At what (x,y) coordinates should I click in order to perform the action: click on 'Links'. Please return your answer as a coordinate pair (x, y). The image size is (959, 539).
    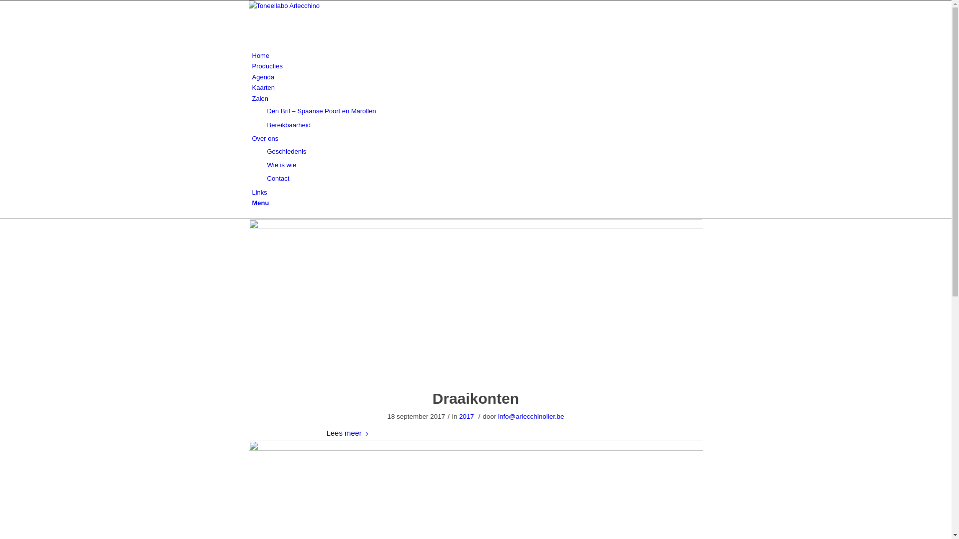
    Looking at the image, I should click on (252, 192).